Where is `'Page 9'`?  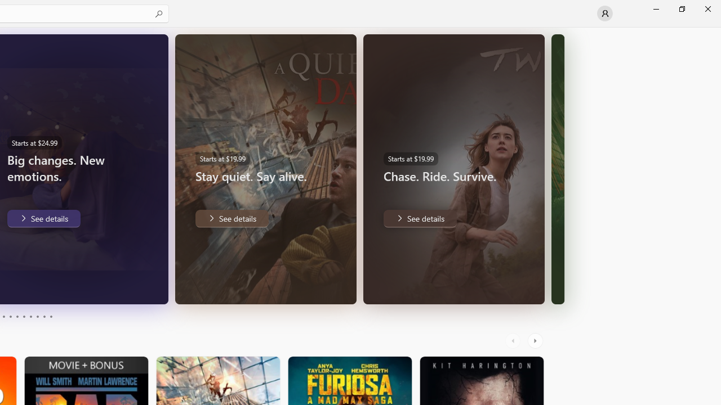 'Page 9' is located at coordinates (44, 317).